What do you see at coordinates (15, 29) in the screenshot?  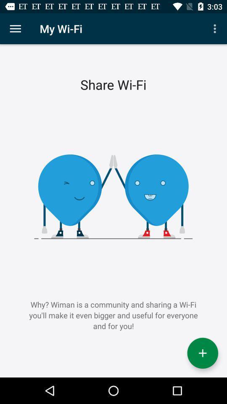 I see `the item to the left of the my wi-fi icon` at bounding box center [15, 29].